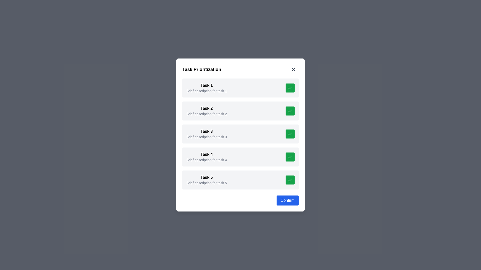 Image resolution: width=481 pixels, height=270 pixels. I want to click on the status depicted by the icon indicating the completion or selection status of 'Task 4', located on the right side of the fourth row in the center modal, so click(290, 156).